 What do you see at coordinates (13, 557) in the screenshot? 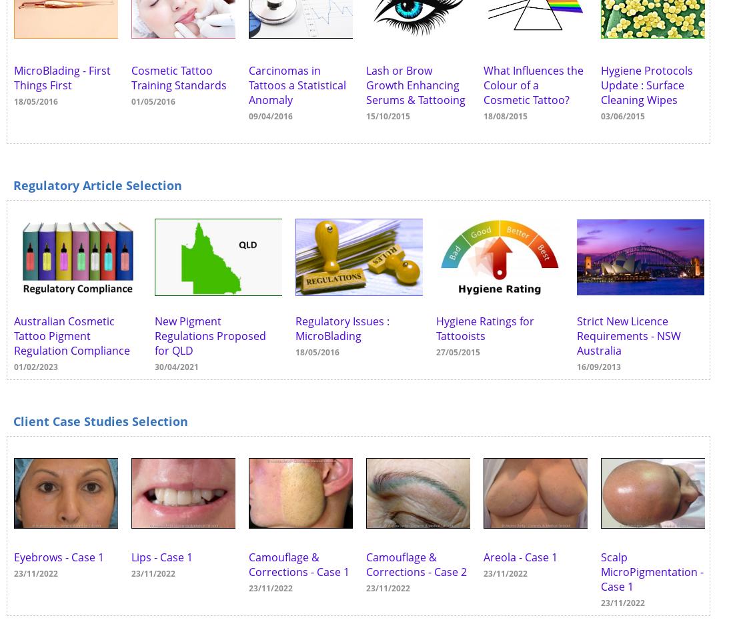
I see `'Eyebrows - Case 1'` at bounding box center [13, 557].